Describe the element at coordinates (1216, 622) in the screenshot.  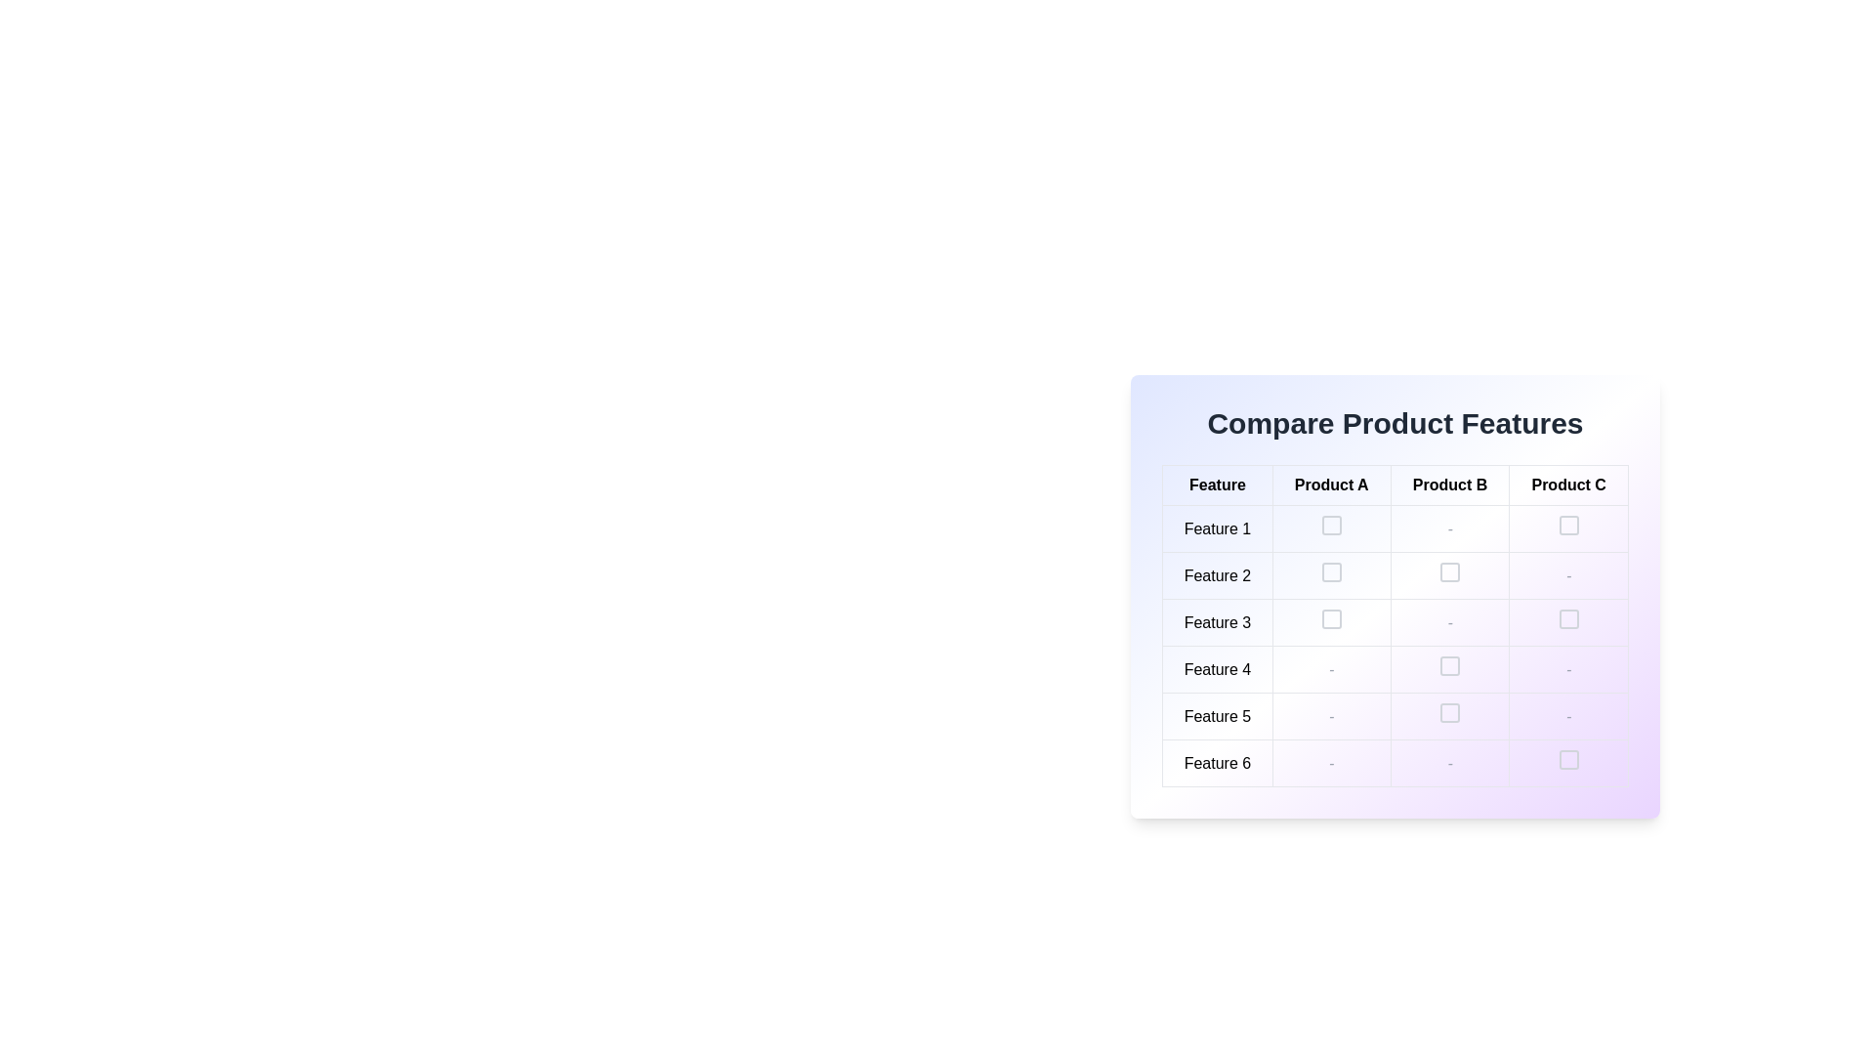
I see `text content of the Text Label located in the 'Feature' column, third row of the comparative product feature table` at that location.